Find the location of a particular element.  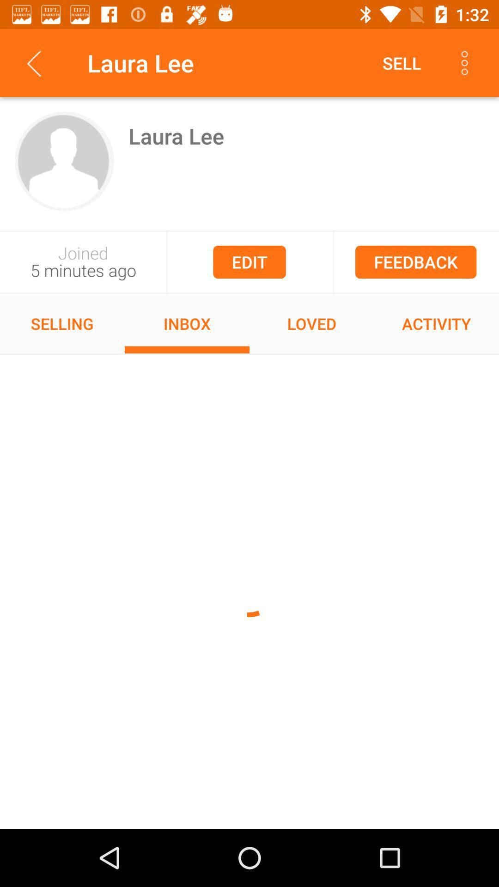

the avatar icon is located at coordinates (64, 161).